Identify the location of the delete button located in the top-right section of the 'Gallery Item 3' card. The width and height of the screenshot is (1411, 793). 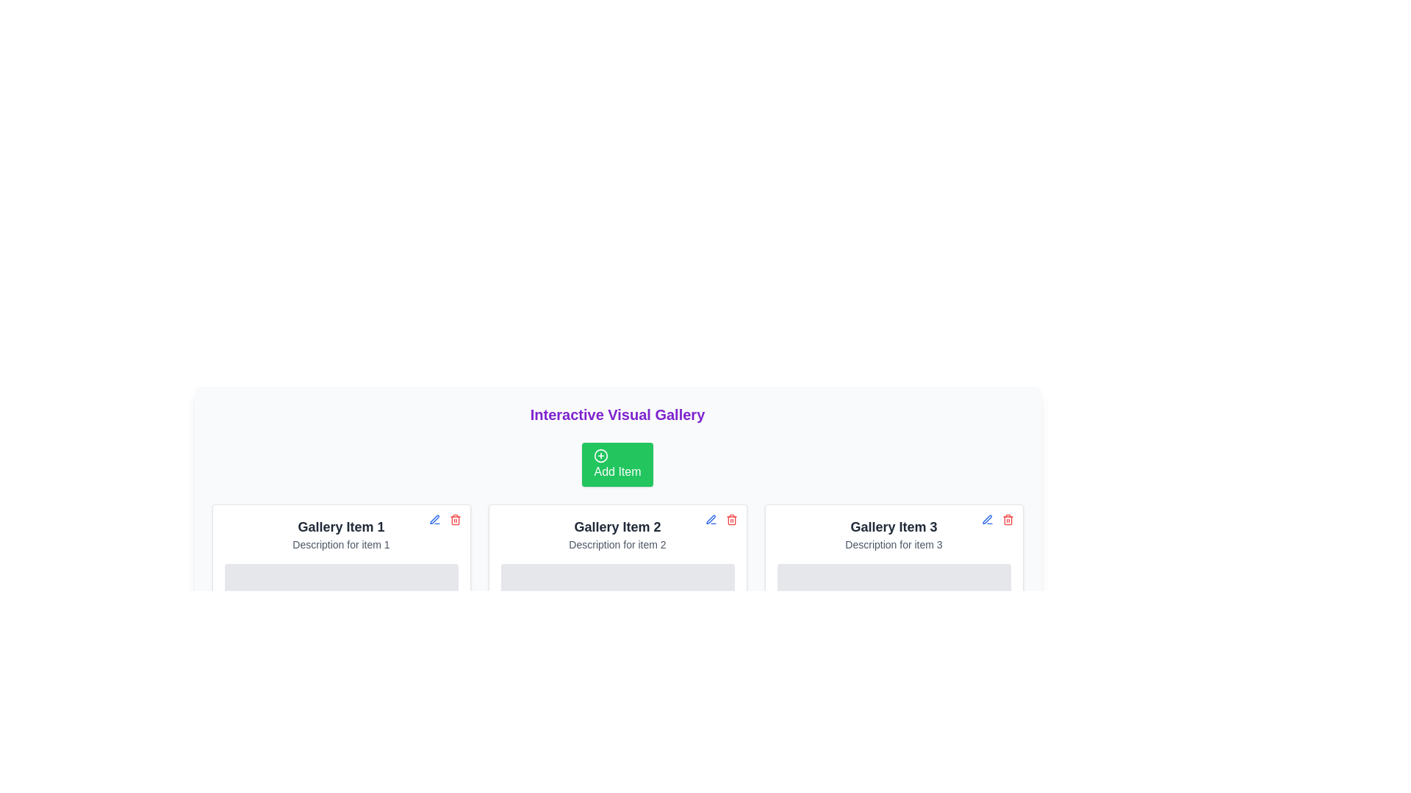
(1007, 519).